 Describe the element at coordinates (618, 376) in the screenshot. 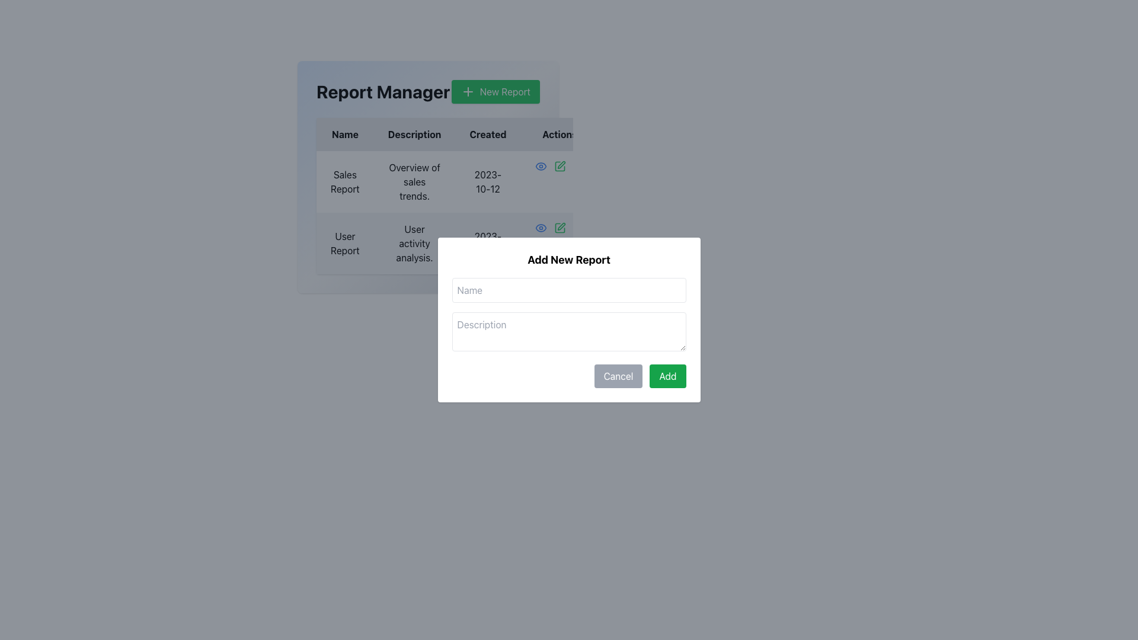

I see `the cancelation action button located at the bottom-right corner of the modal dialog` at that location.